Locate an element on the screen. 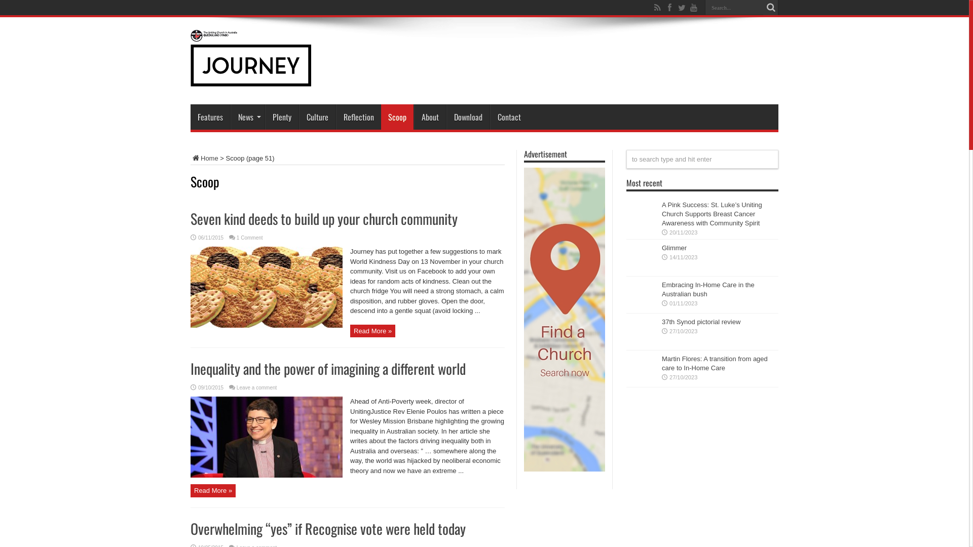 Image resolution: width=973 pixels, height=547 pixels. 'Search' is located at coordinates (770, 8).